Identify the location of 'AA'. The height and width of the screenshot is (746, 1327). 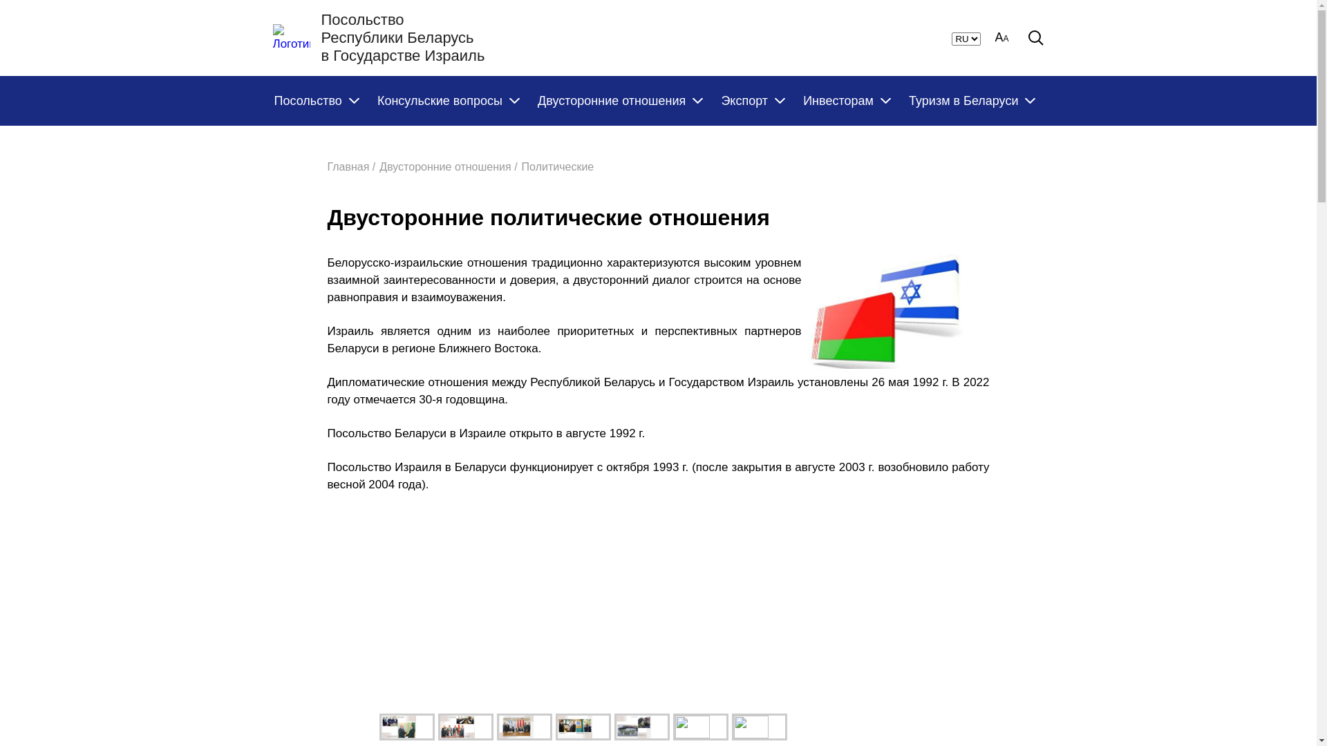
(994, 37).